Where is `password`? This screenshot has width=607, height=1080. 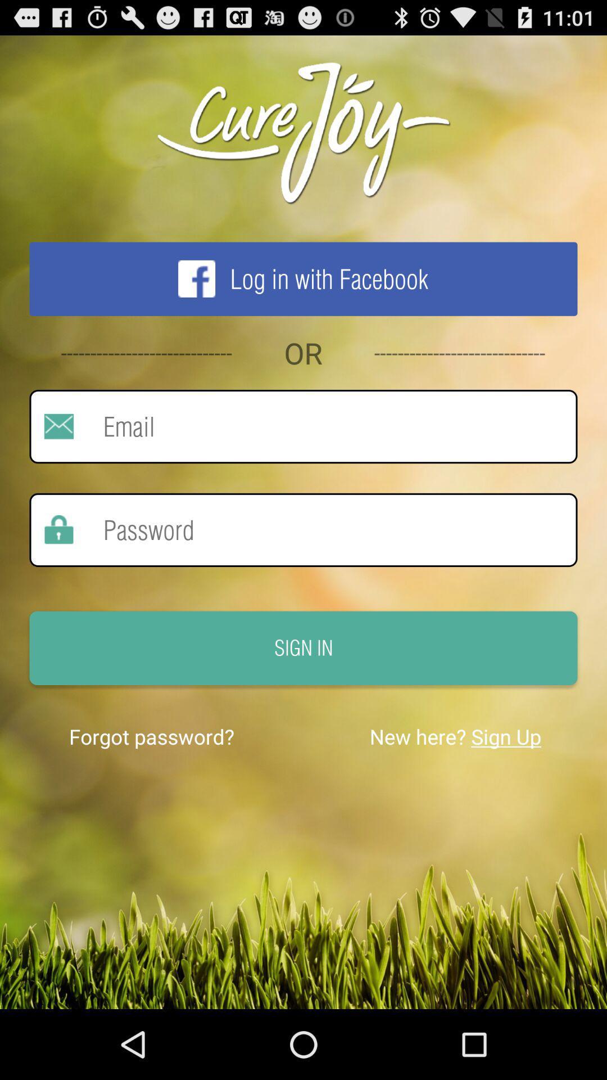 password is located at coordinates (325, 529).